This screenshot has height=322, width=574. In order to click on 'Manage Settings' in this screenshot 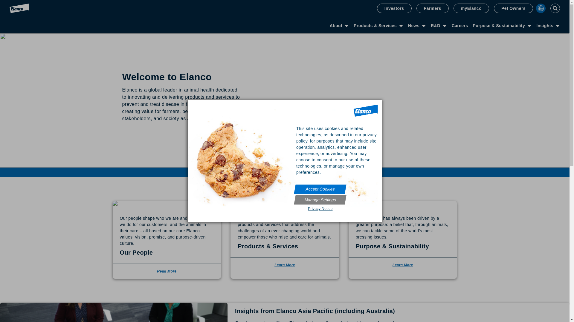, I will do `click(319, 200)`.